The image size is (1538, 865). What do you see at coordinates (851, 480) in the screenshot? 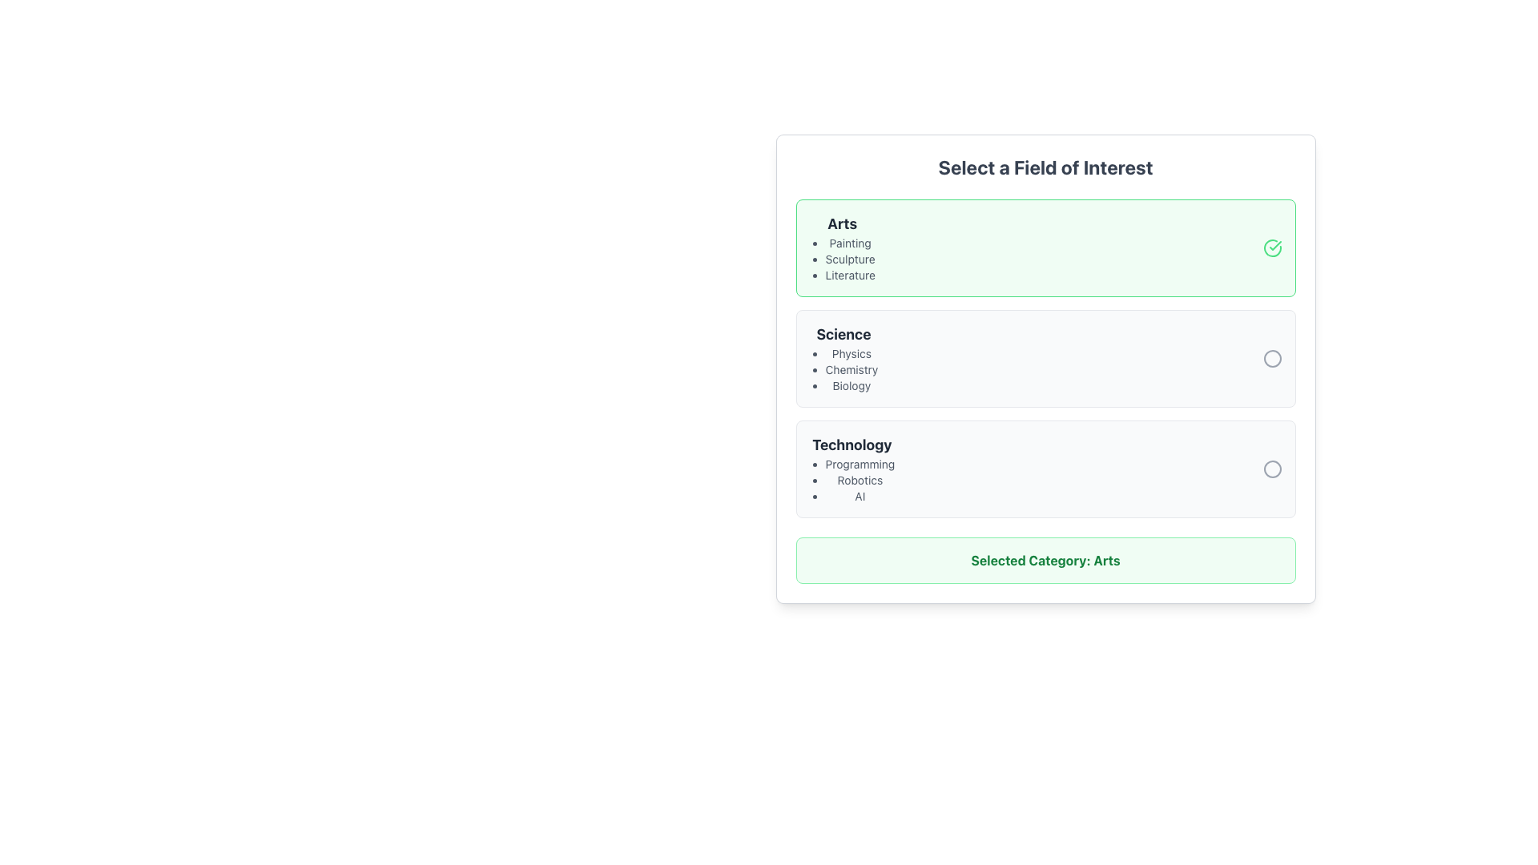
I see `the second item in the bullet point list under the 'Technology' category, which represents 'Robotics'` at bounding box center [851, 480].